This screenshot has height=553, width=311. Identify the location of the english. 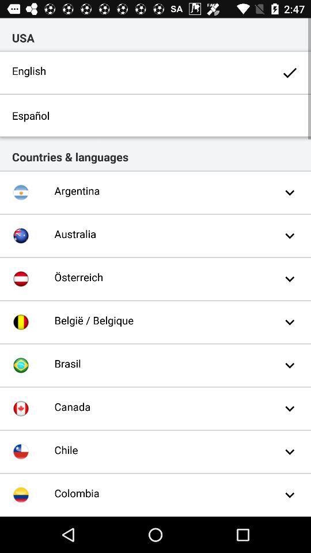
(155, 72).